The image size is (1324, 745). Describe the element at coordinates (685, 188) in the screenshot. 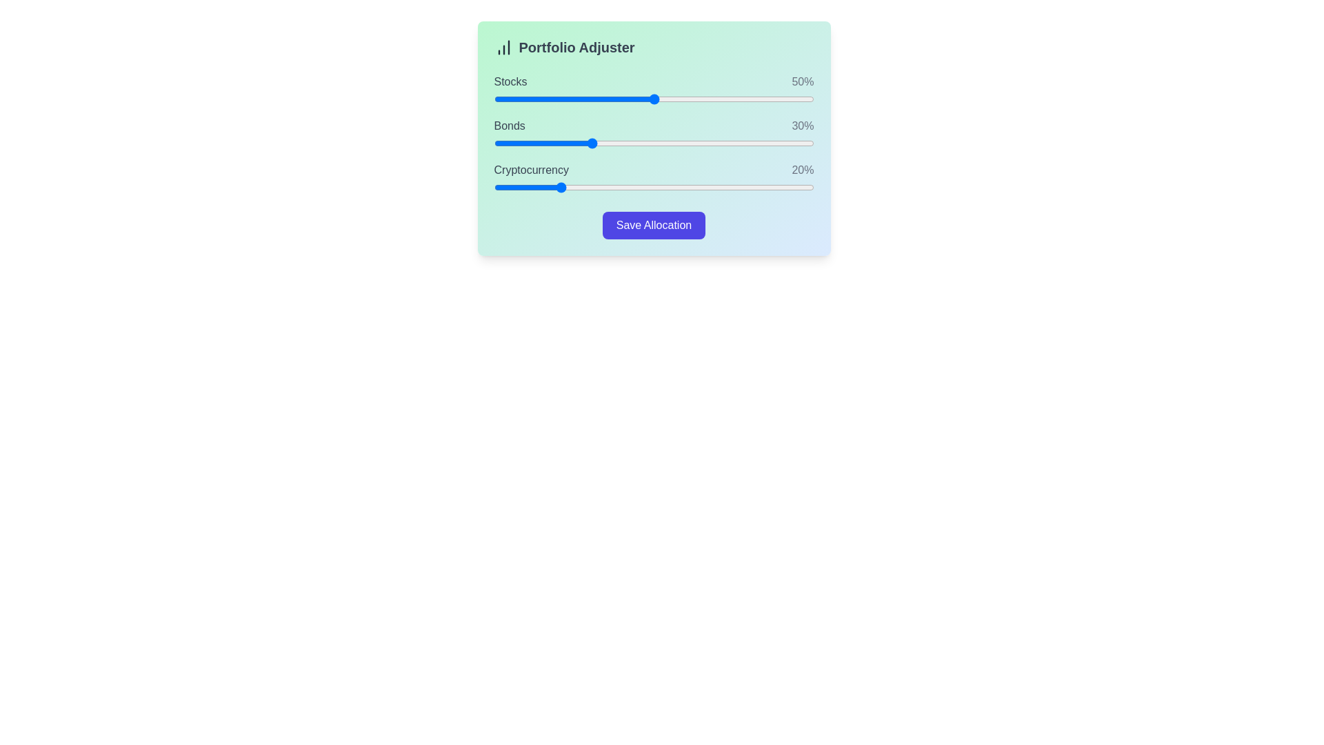

I see `the 'Cryptocurrency' slider to set its value to 60` at that location.